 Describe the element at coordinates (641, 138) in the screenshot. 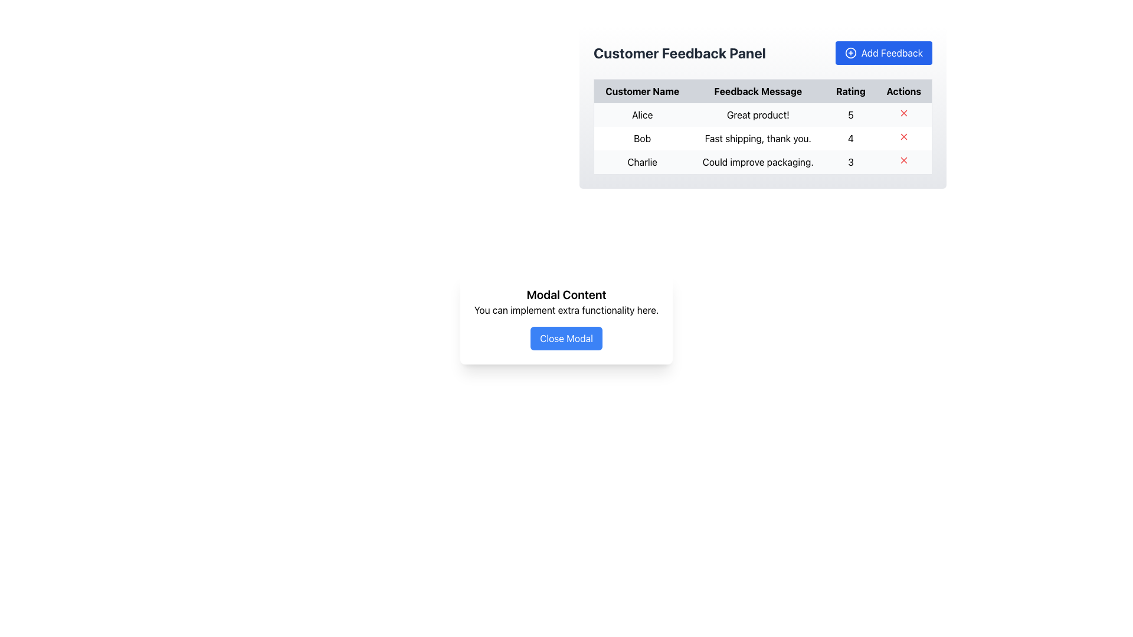

I see `the table cell displaying the name 'Bob' in the second row of the 'Customer Feedback Panel' under the 'Customer Name' column` at that location.